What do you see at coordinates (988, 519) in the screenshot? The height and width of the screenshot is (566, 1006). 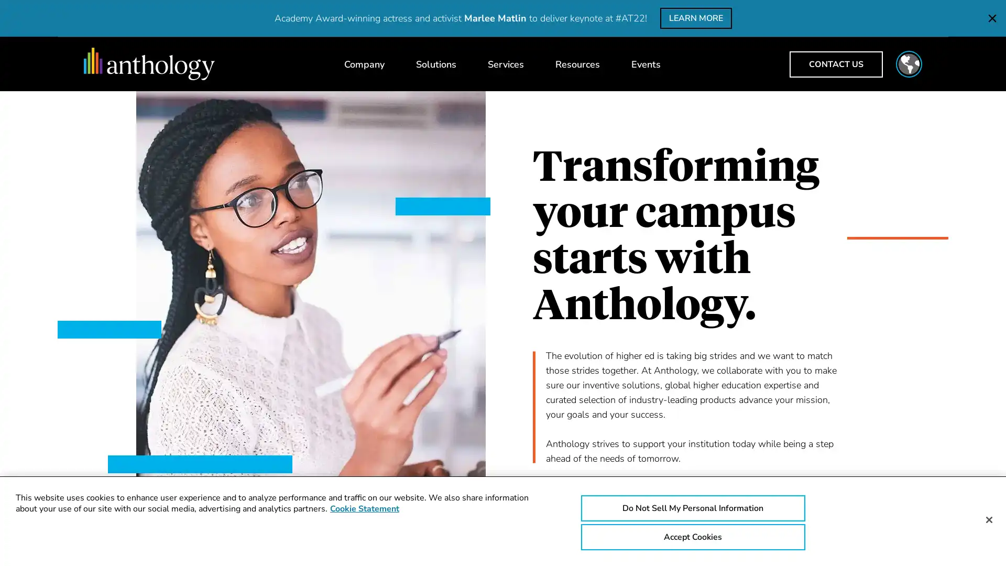 I see `Close` at bounding box center [988, 519].